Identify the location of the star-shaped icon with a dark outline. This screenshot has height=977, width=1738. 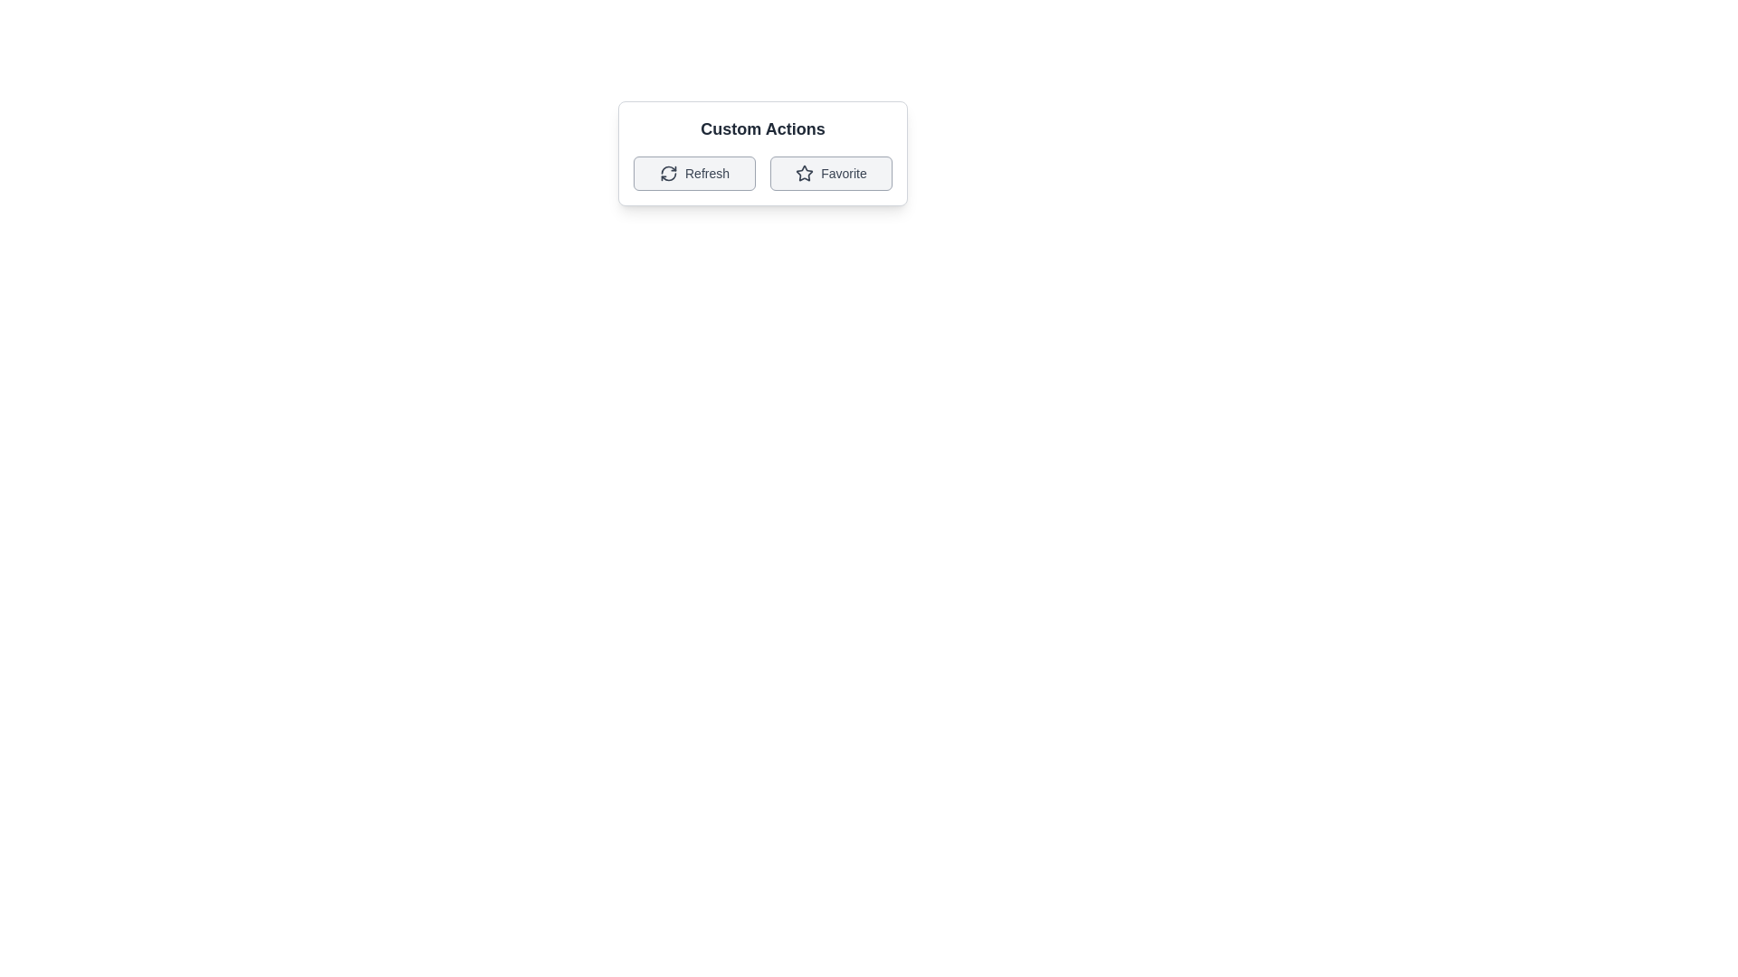
(803, 174).